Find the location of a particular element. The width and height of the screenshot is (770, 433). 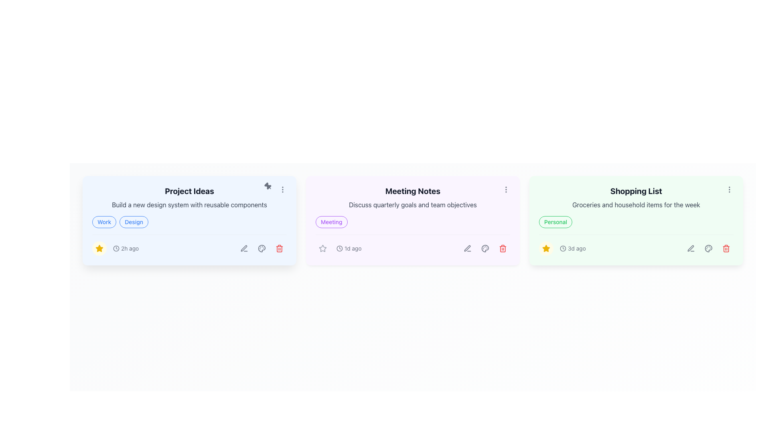

the Timestamp display located in the bottom-left corner of the 'Shopping List' card, next to the star icon is located at coordinates (562, 248).